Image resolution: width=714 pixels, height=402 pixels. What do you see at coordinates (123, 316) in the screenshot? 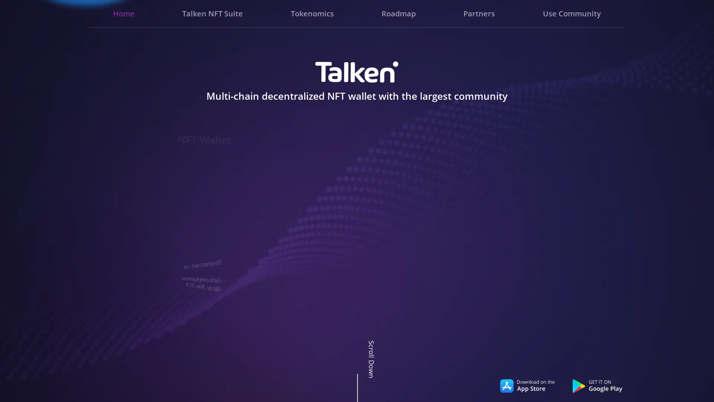
I see `Go to slide 3` at bounding box center [123, 316].